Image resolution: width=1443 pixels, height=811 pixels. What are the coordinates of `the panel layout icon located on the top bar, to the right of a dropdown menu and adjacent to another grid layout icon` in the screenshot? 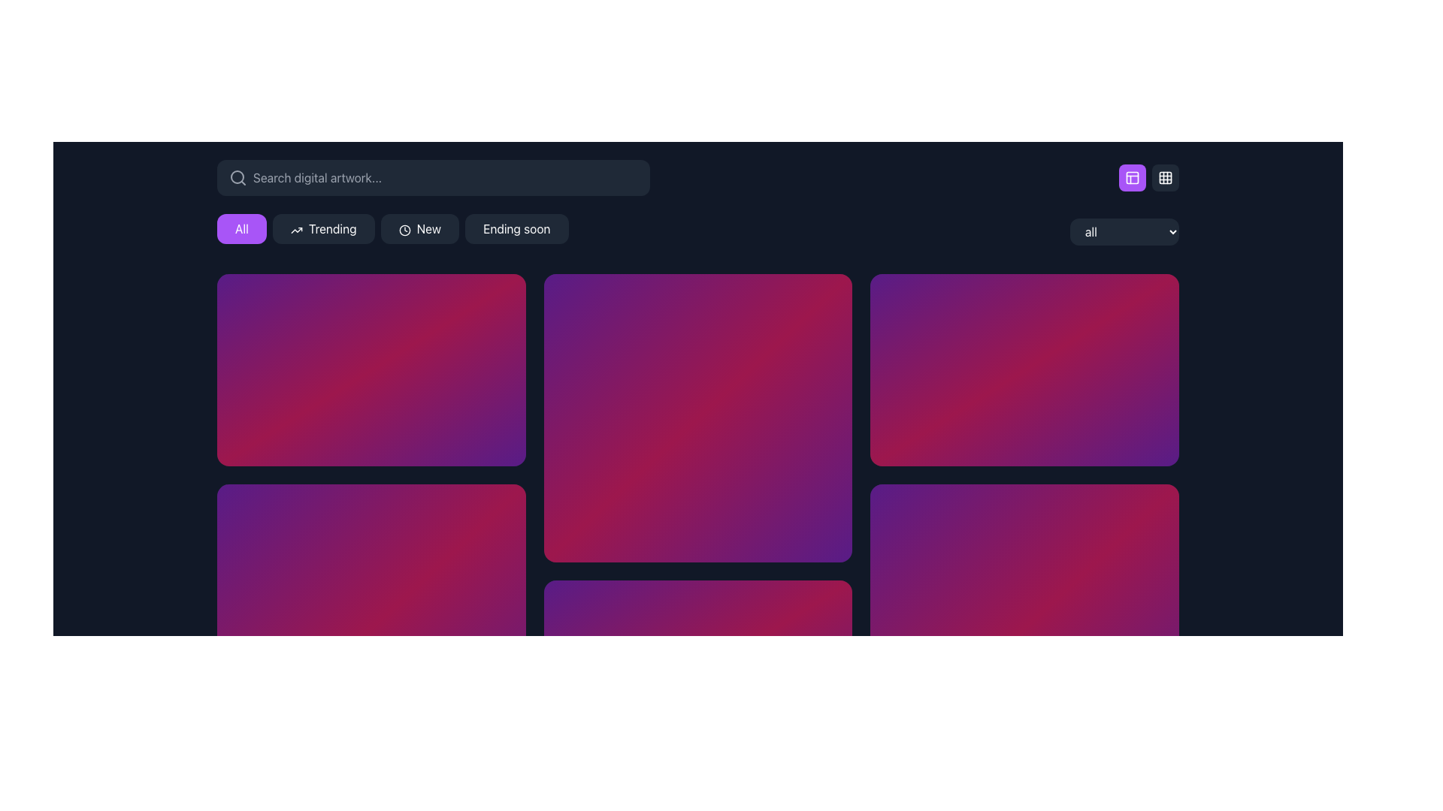 It's located at (1133, 176).